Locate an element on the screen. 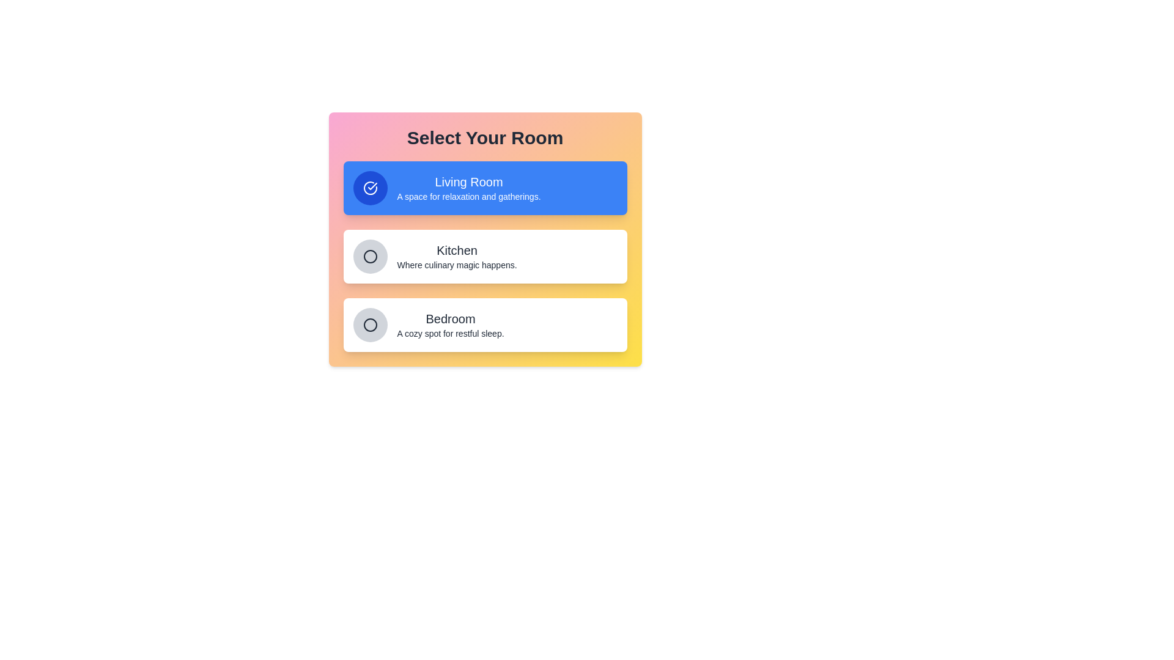 The width and height of the screenshot is (1174, 660). the decorative indicator related to the 'Kitchen' card in the room selection menu, which denotes selection or focus status is located at coordinates (369, 256).